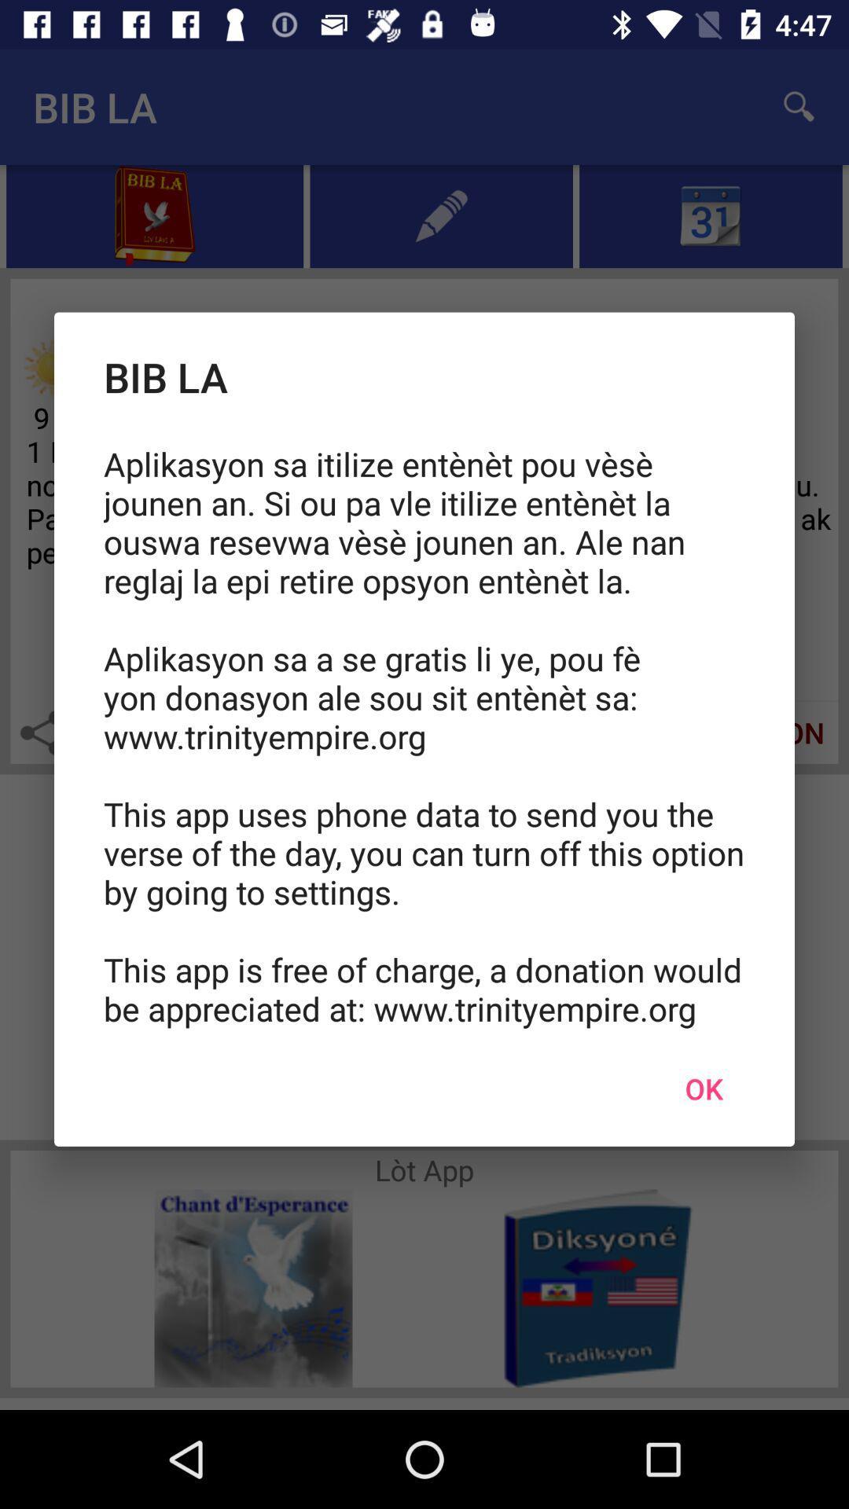  Describe the element at coordinates (703, 1088) in the screenshot. I see `the icon at the bottom right corner` at that location.